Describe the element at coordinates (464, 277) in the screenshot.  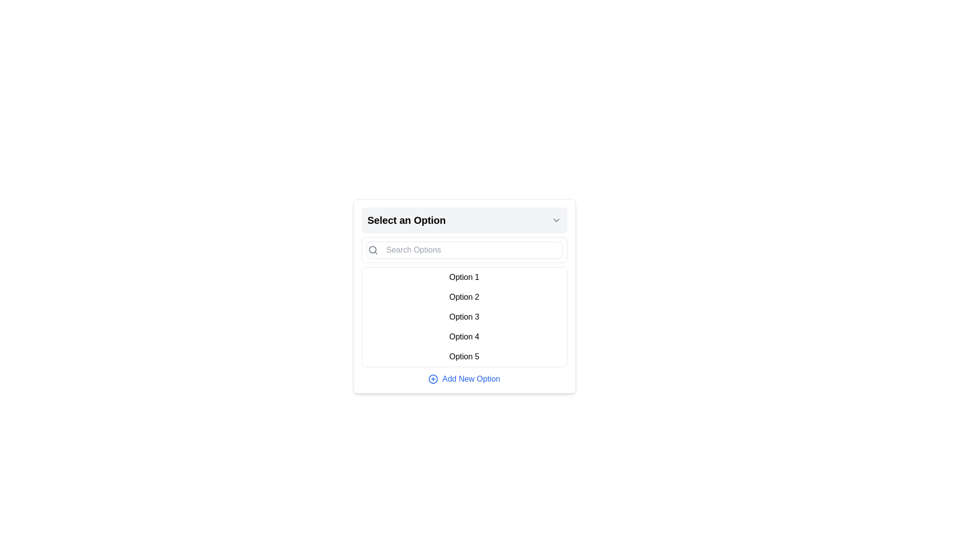
I see `the first item in the dropdown menu located under the 'Select an Option' label` at that location.